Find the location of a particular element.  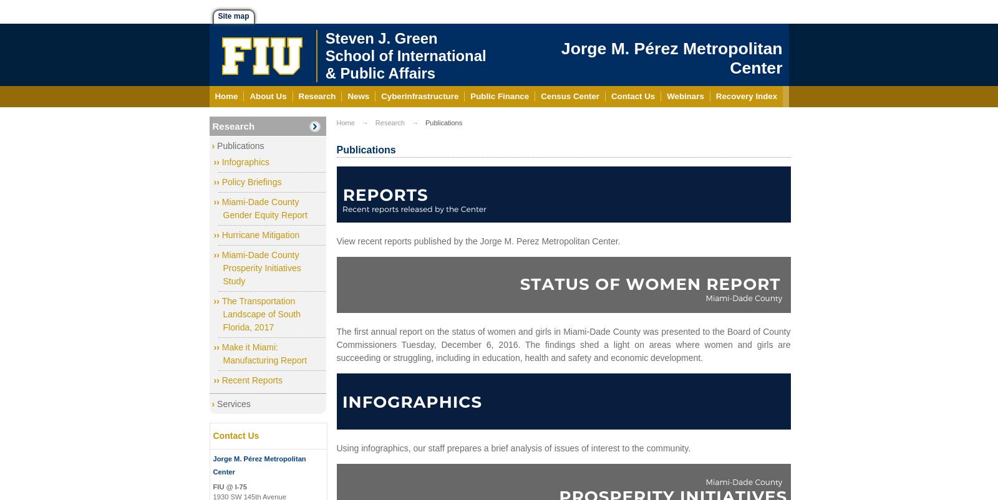

'Site map' is located at coordinates (233, 16).